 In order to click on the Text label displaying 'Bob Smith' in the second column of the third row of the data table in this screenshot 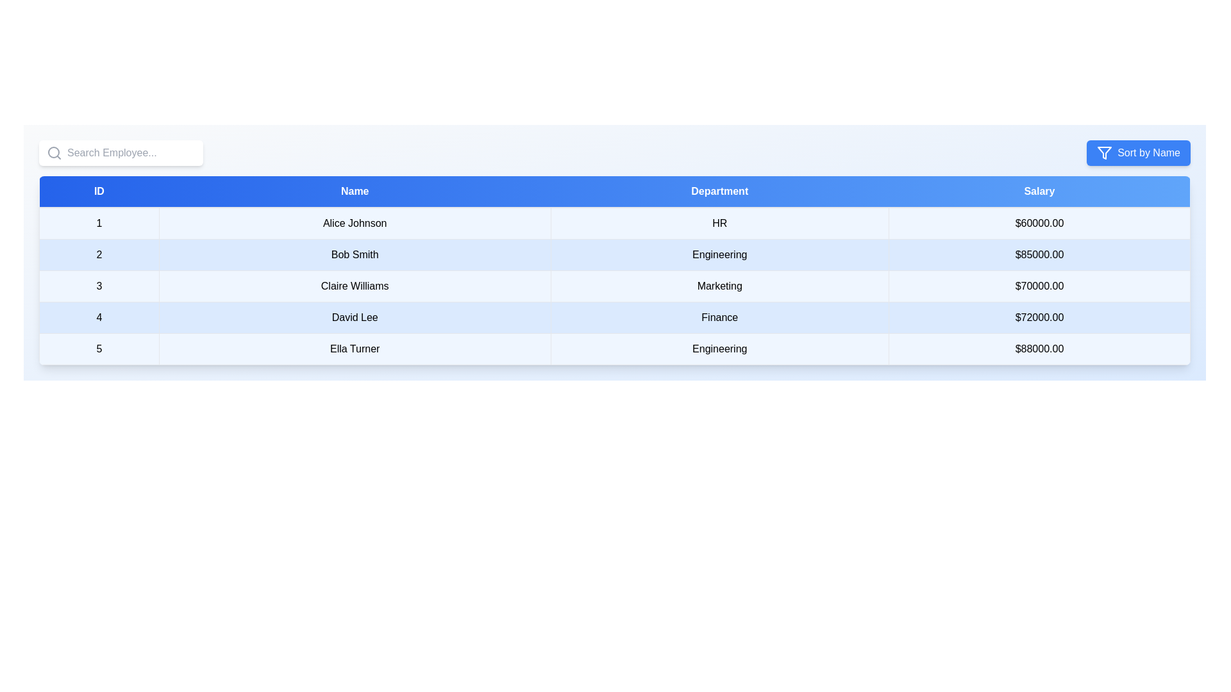, I will do `click(355, 254)`.